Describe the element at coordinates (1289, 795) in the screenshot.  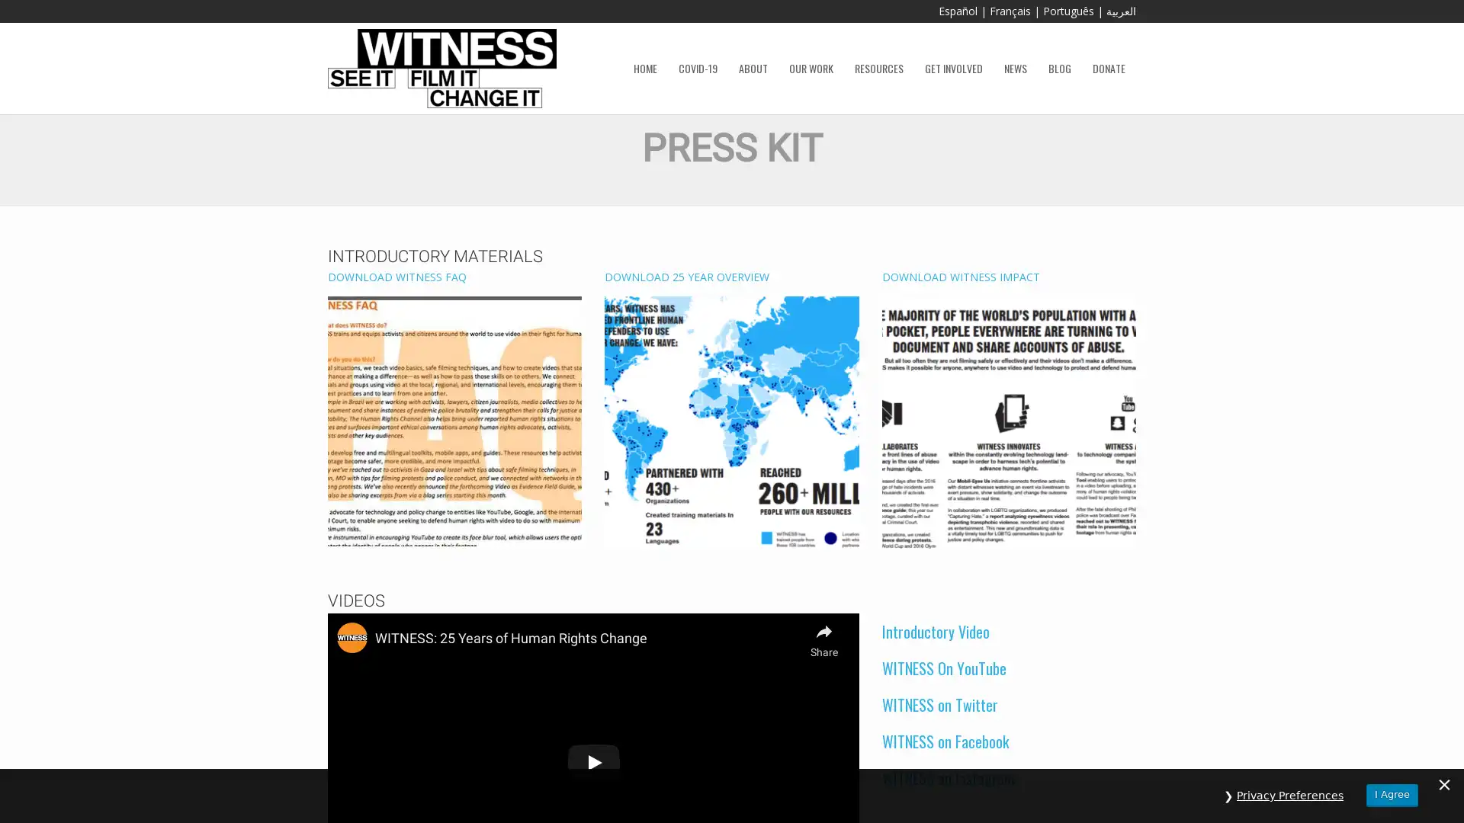
I see `Privacy Preferences` at that location.